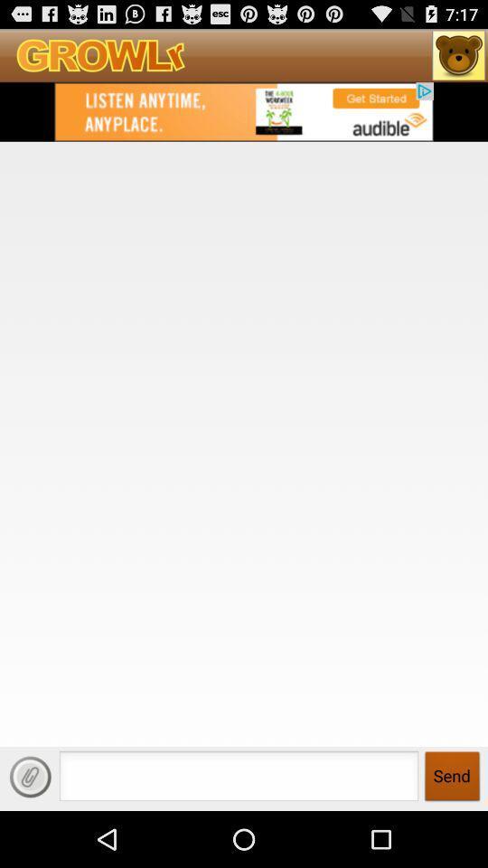 The height and width of the screenshot is (868, 488). What do you see at coordinates (244, 110) in the screenshot?
I see `open advertisement` at bounding box center [244, 110].